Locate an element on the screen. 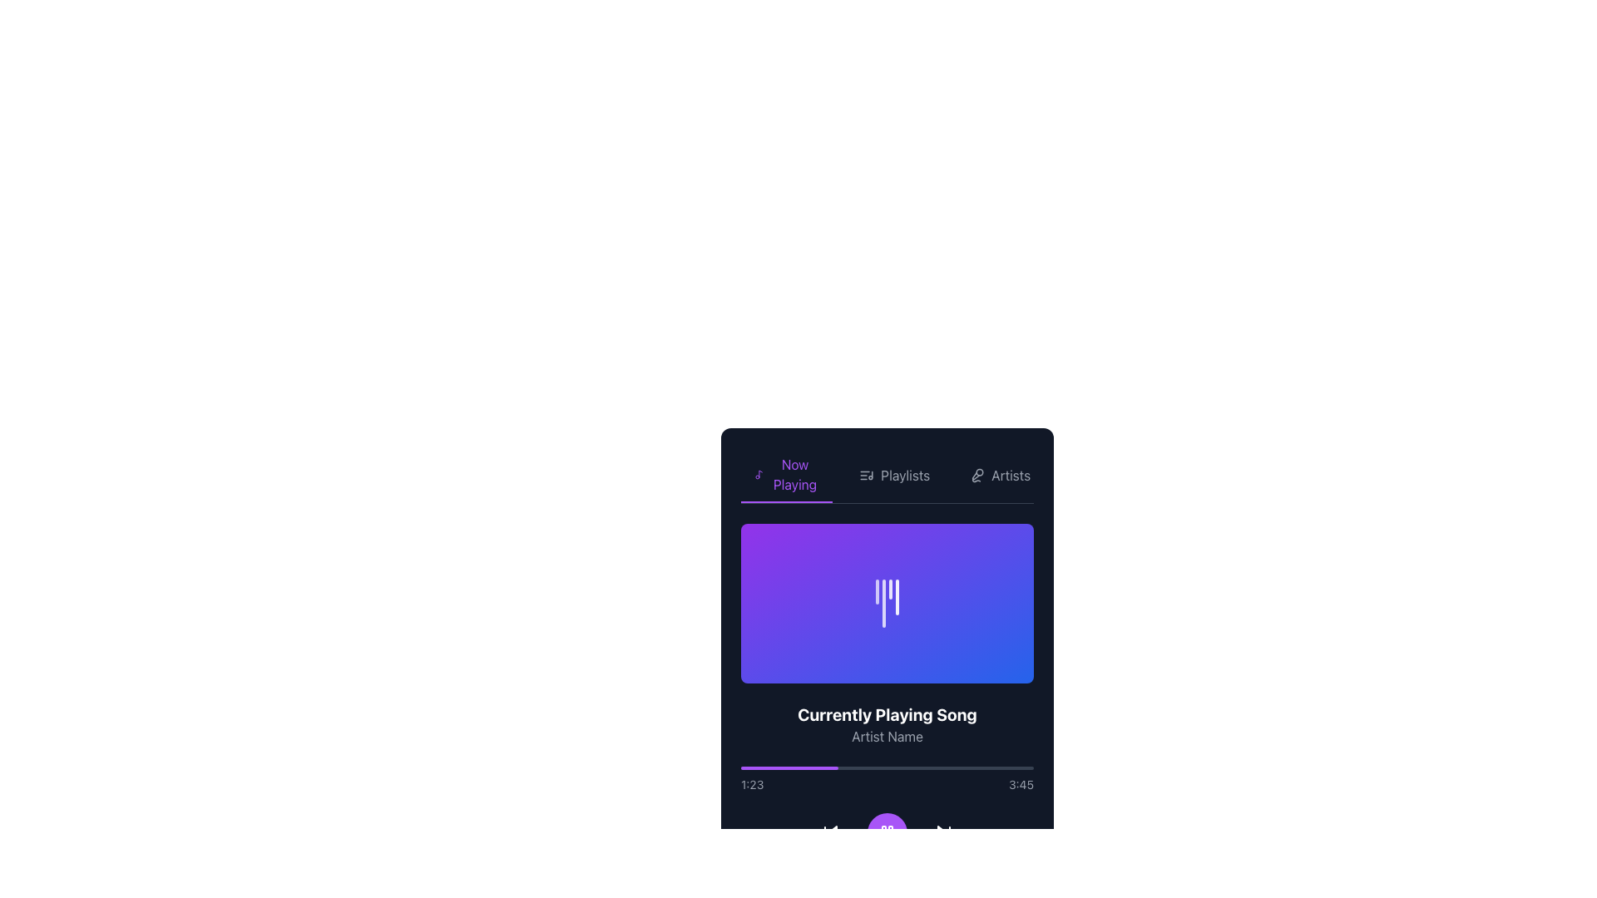  the slider value is located at coordinates (849, 881).